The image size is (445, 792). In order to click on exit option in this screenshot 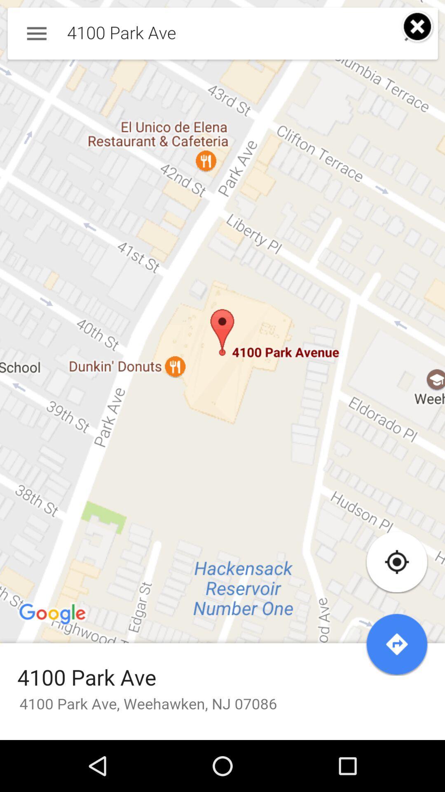, I will do `click(418, 27)`.